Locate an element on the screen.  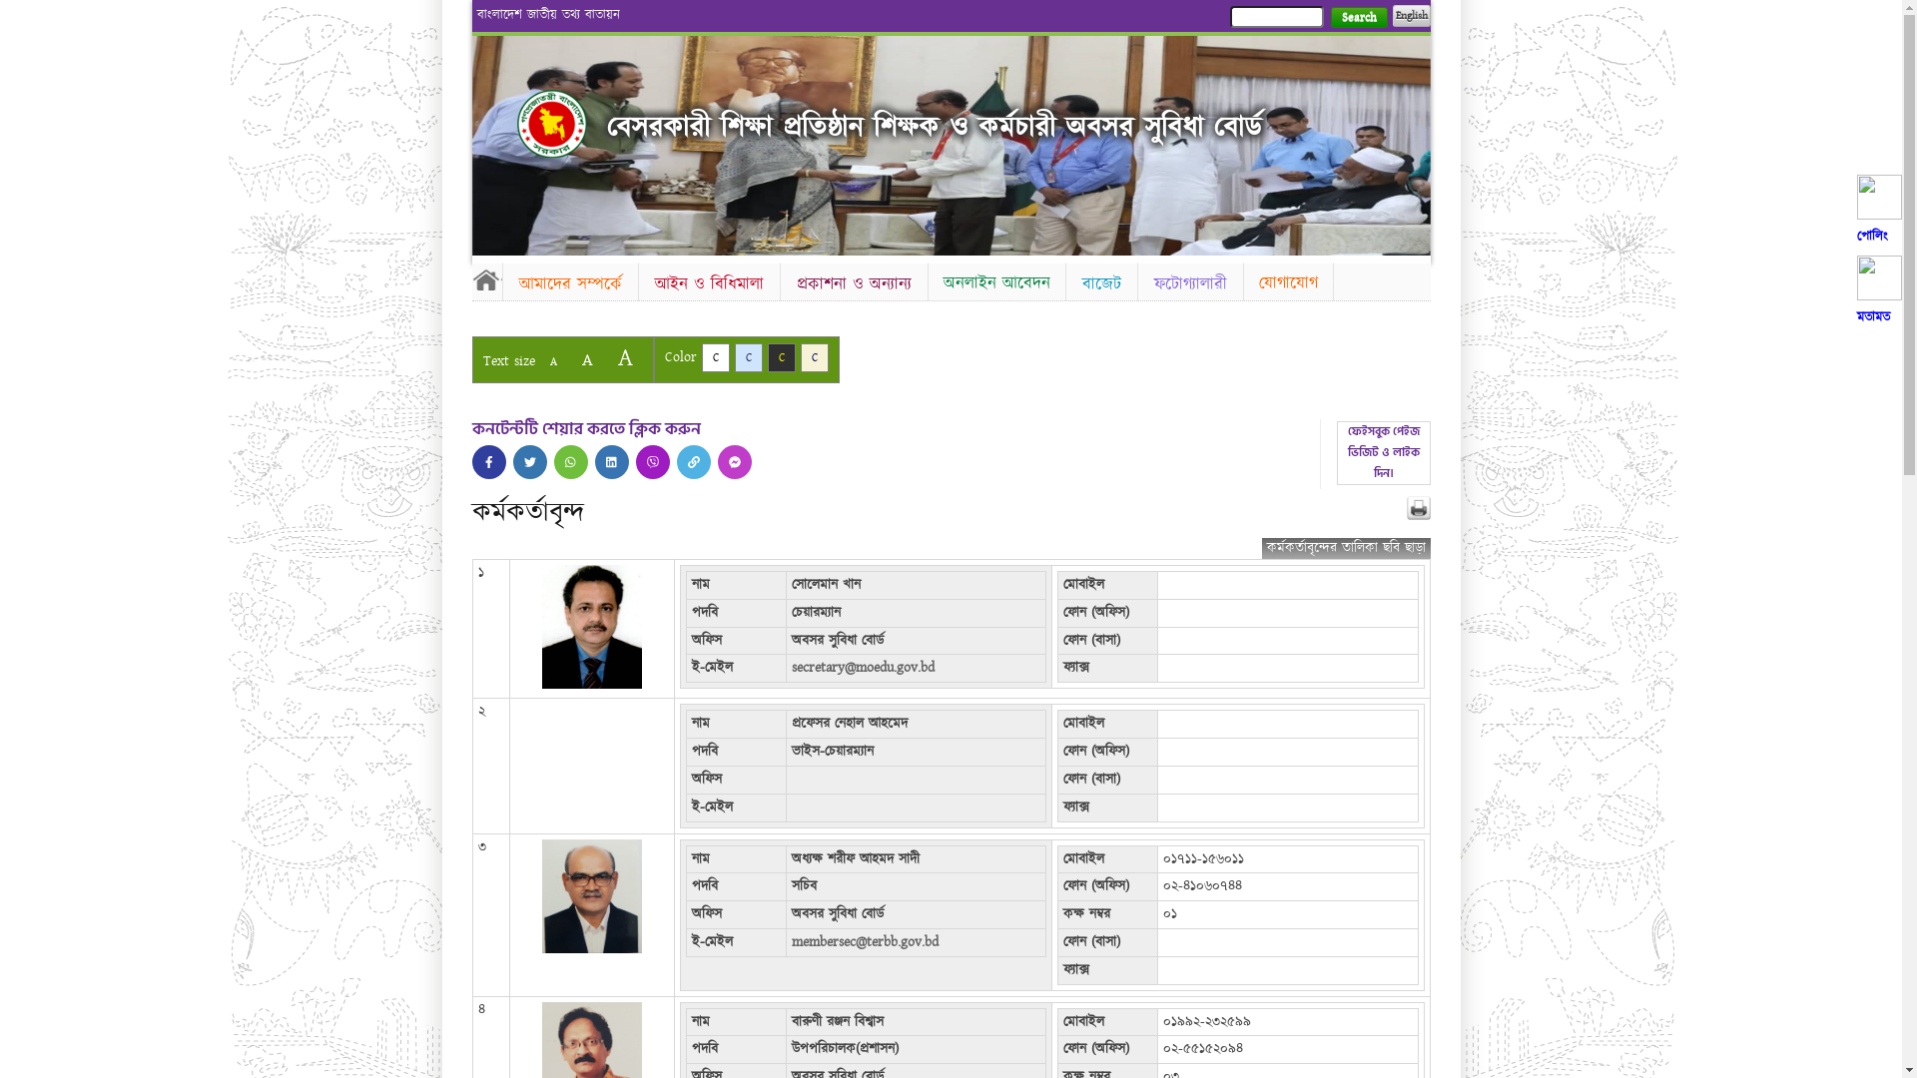
'C' is located at coordinates (747, 356).